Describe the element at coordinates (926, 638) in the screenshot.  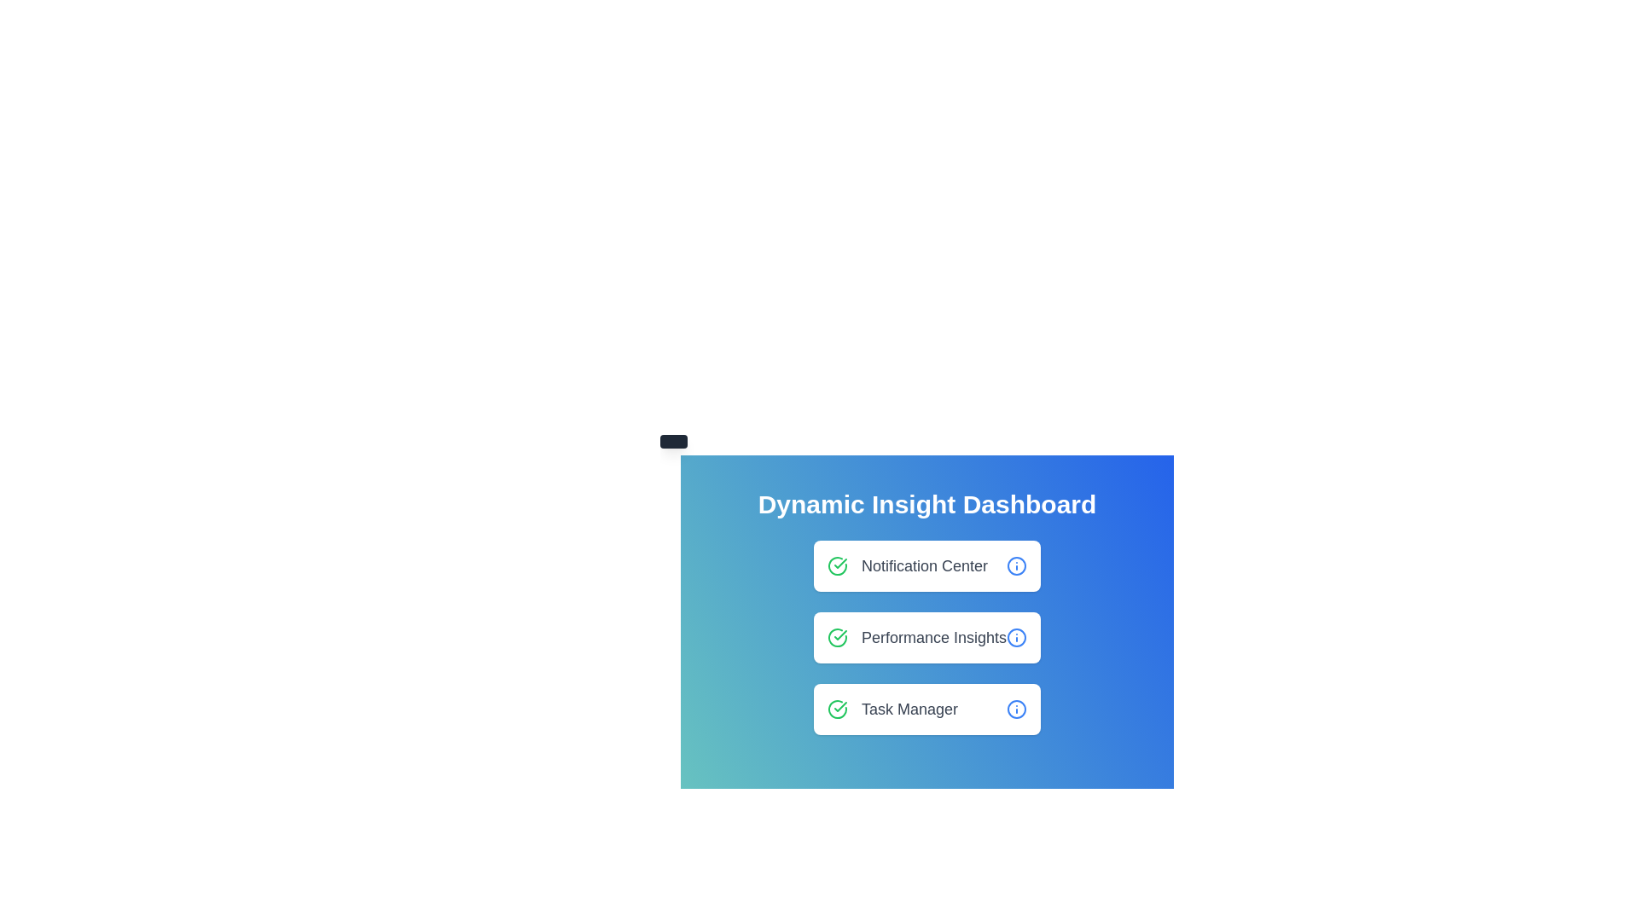
I see `the 'Performance Insights' text in the Card module` at that location.